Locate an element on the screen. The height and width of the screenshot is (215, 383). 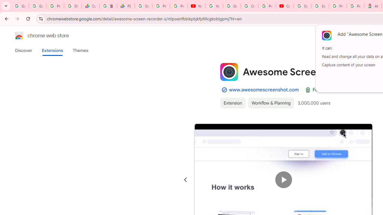
'Currencies - Google Finance' is located at coordinates (90, 6).